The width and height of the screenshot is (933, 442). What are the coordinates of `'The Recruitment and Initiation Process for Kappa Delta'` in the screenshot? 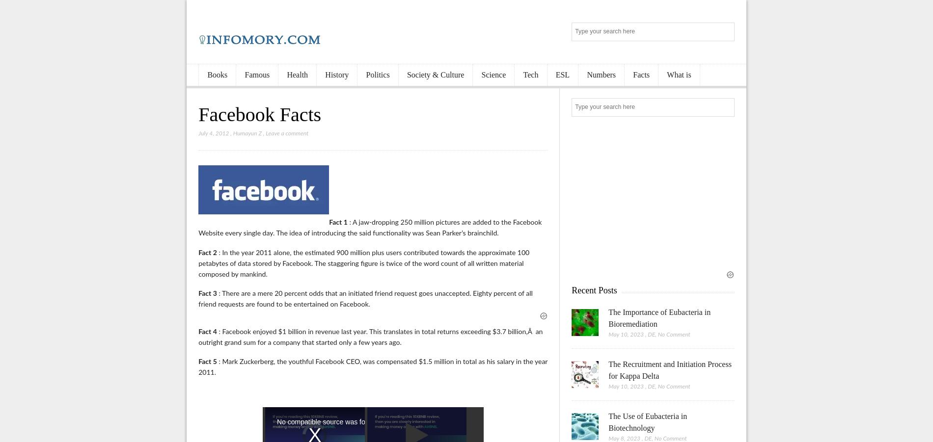 It's located at (669, 369).